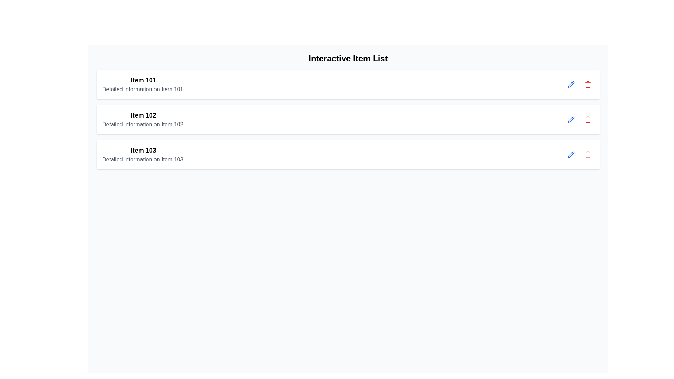  What do you see at coordinates (588, 154) in the screenshot?
I see `the delete button located at the right-most end of the interactive options for 'Item 103'` at bounding box center [588, 154].